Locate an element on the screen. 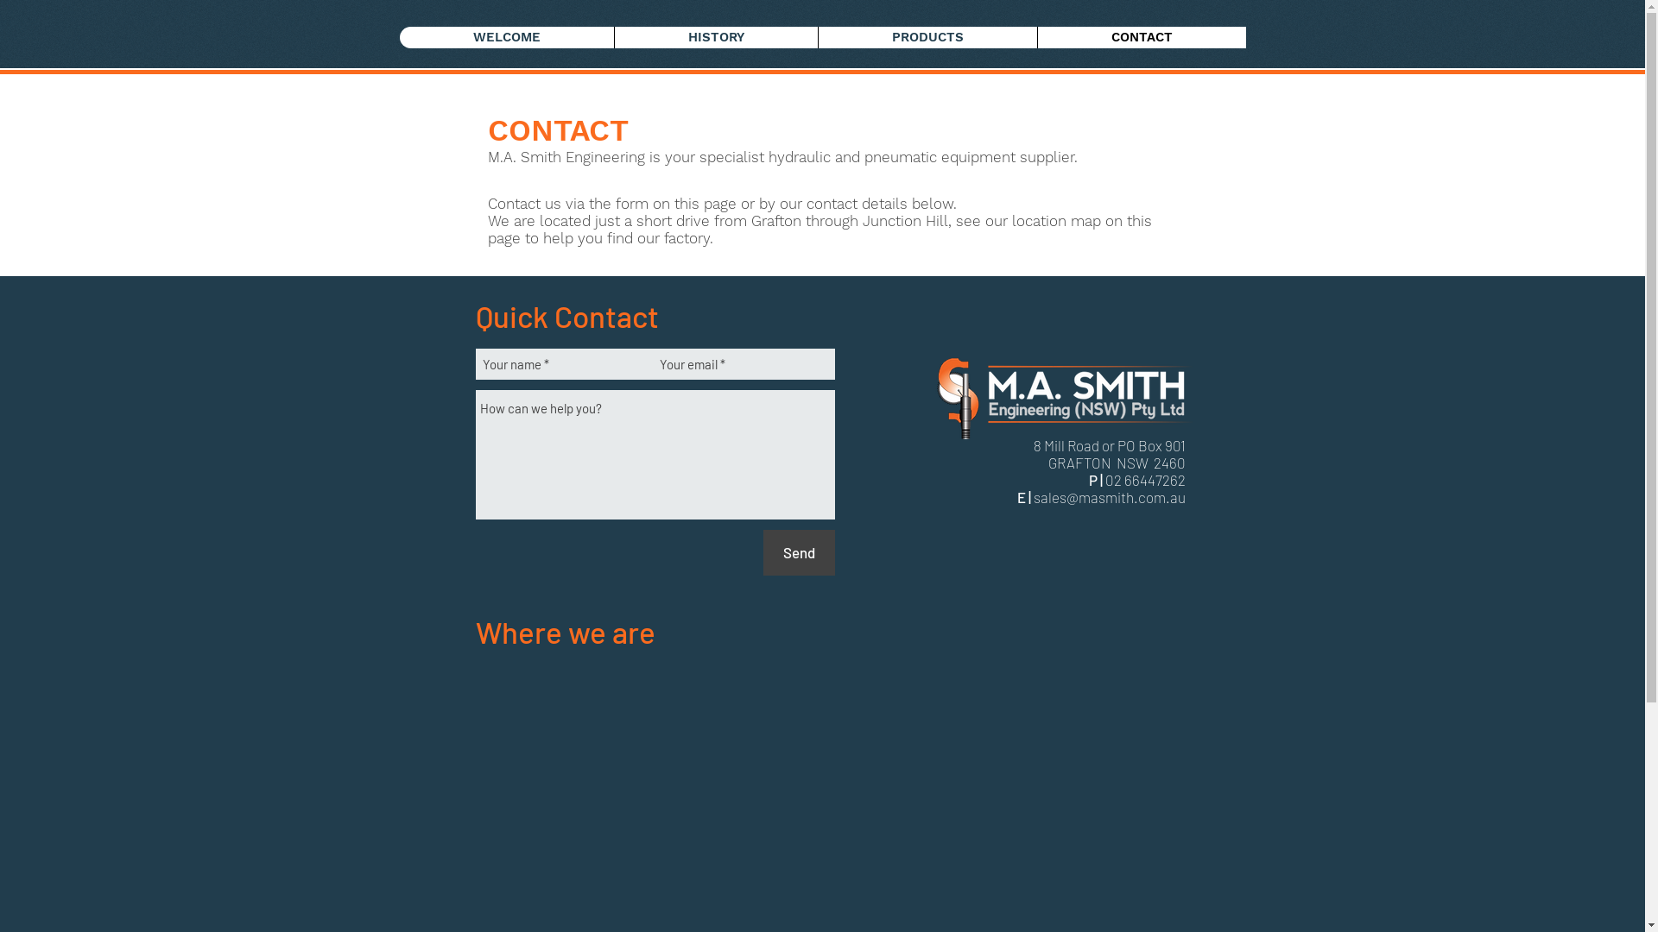 The height and width of the screenshot is (932, 1658). 'CONTACT' is located at coordinates (1036, 37).